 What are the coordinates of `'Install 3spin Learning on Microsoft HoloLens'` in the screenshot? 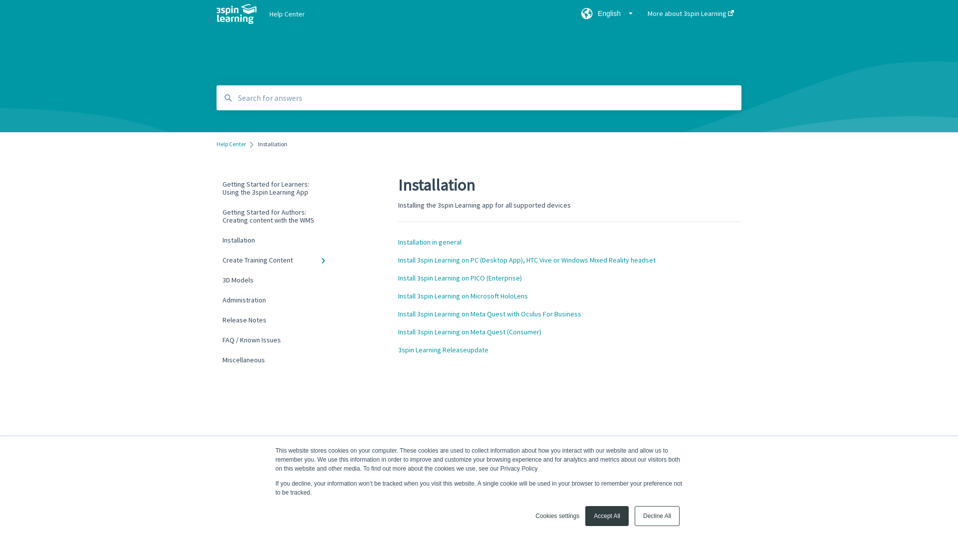 It's located at (462, 295).